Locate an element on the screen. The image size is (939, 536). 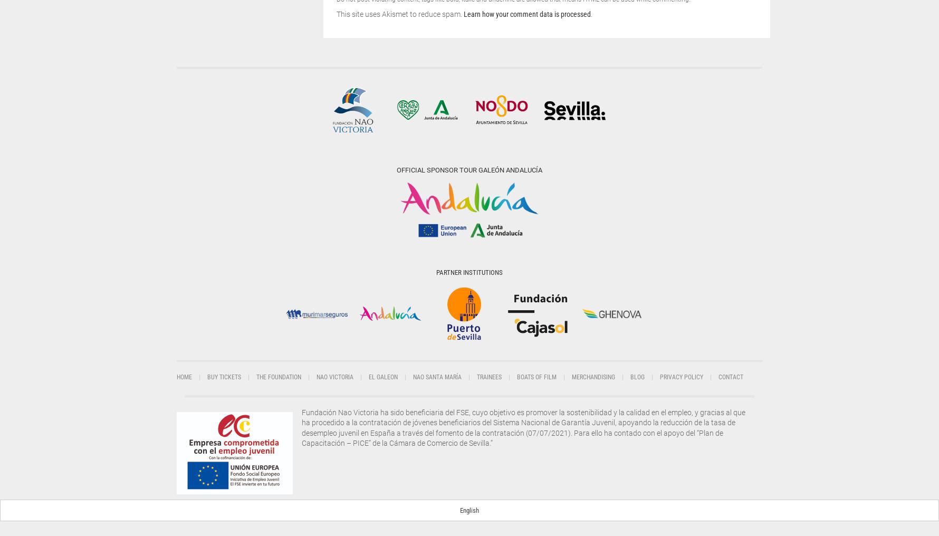
'Blog' is located at coordinates (637, 377).